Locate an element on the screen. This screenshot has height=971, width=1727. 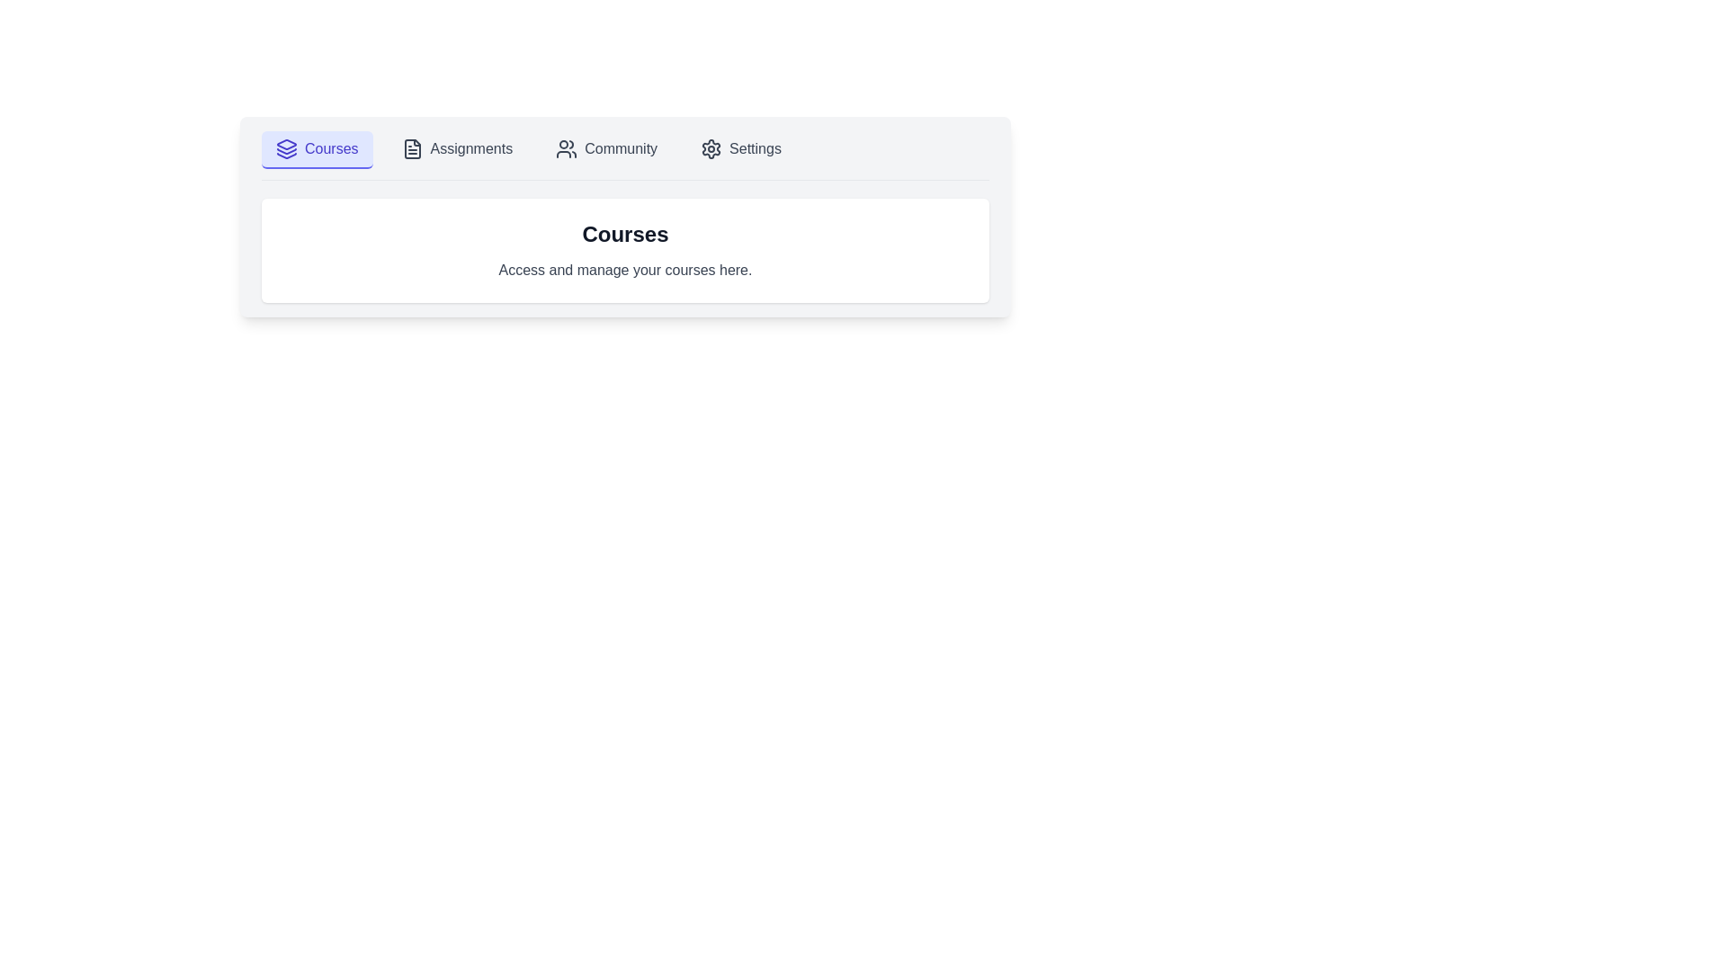
the Settings button in the top right navigation bar is located at coordinates (741, 148).